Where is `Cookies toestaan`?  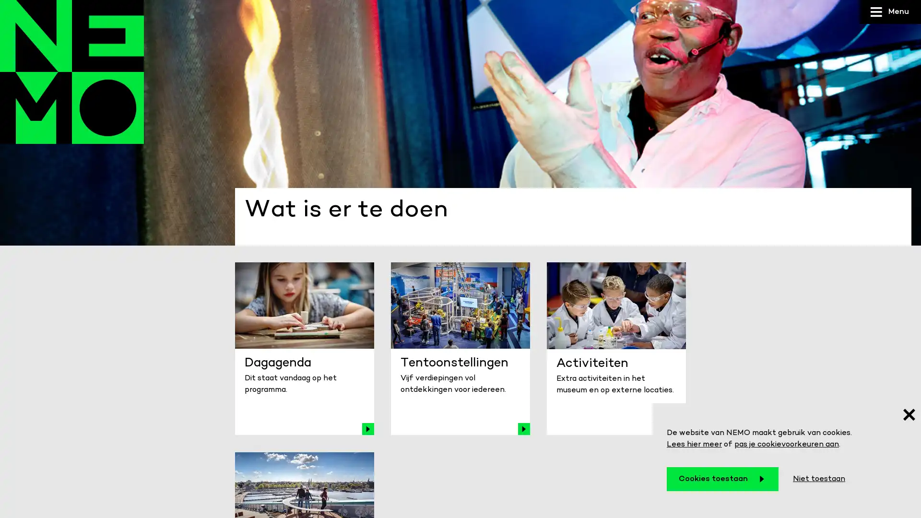
Cookies toestaan is located at coordinates (722, 479).